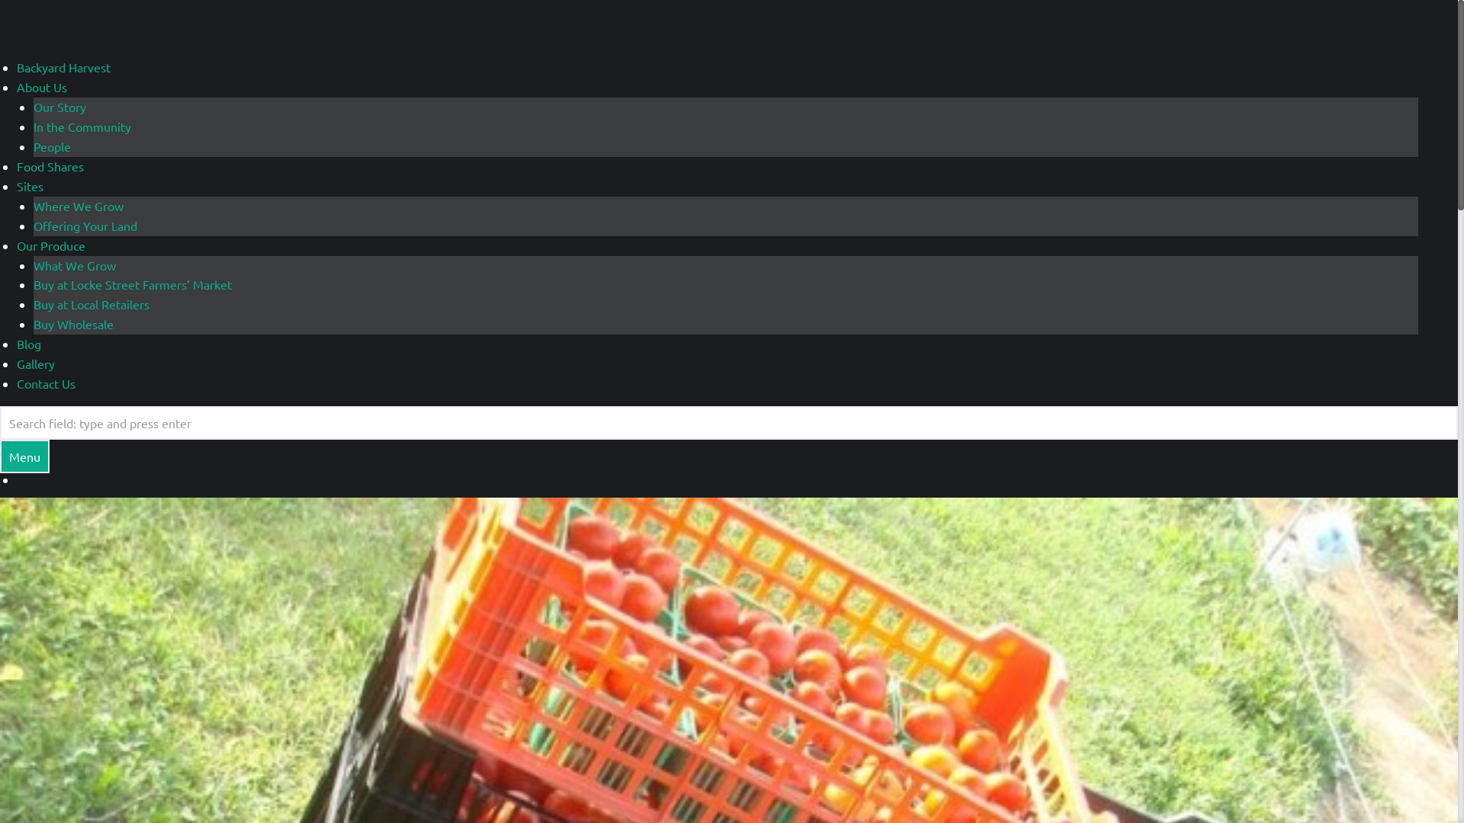 The width and height of the screenshot is (1464, 823). Describe the element at coordinates (84, 226) in the screenshot. I see `'Offering Your Land'` at that location.